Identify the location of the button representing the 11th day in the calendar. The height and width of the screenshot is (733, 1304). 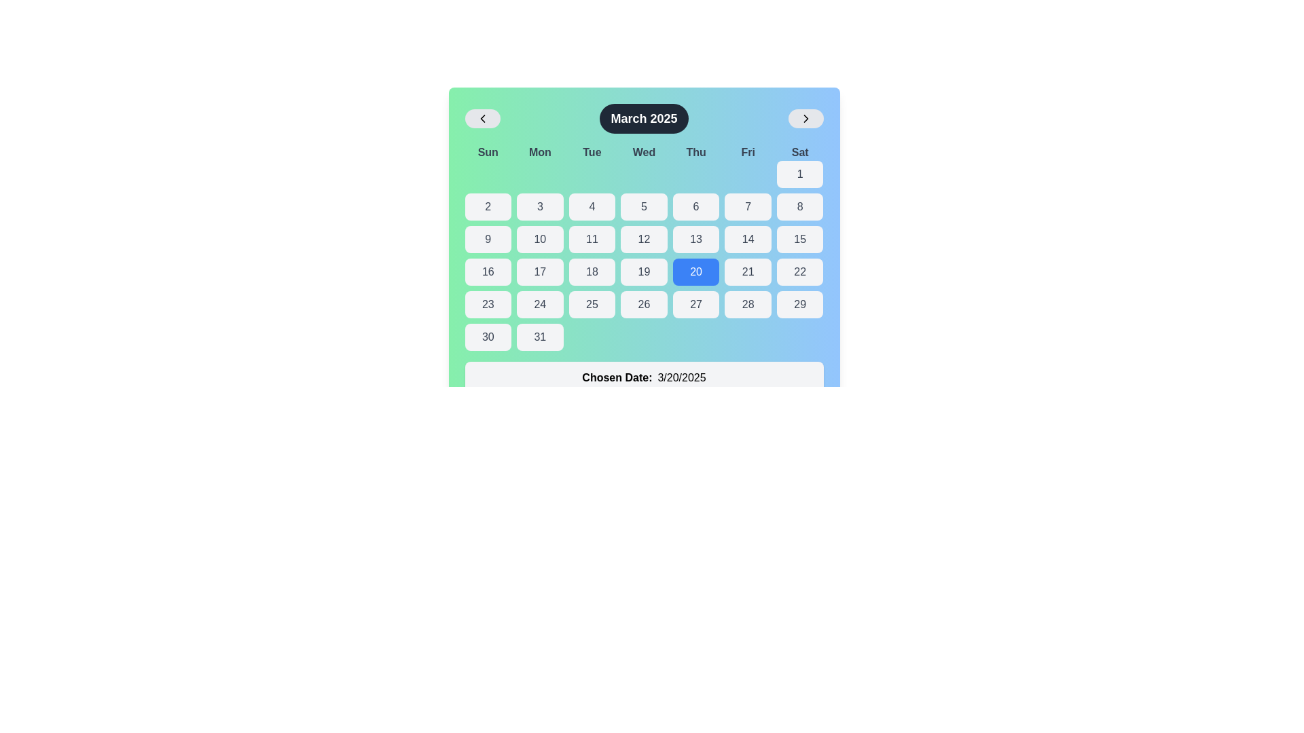
(592, 239).